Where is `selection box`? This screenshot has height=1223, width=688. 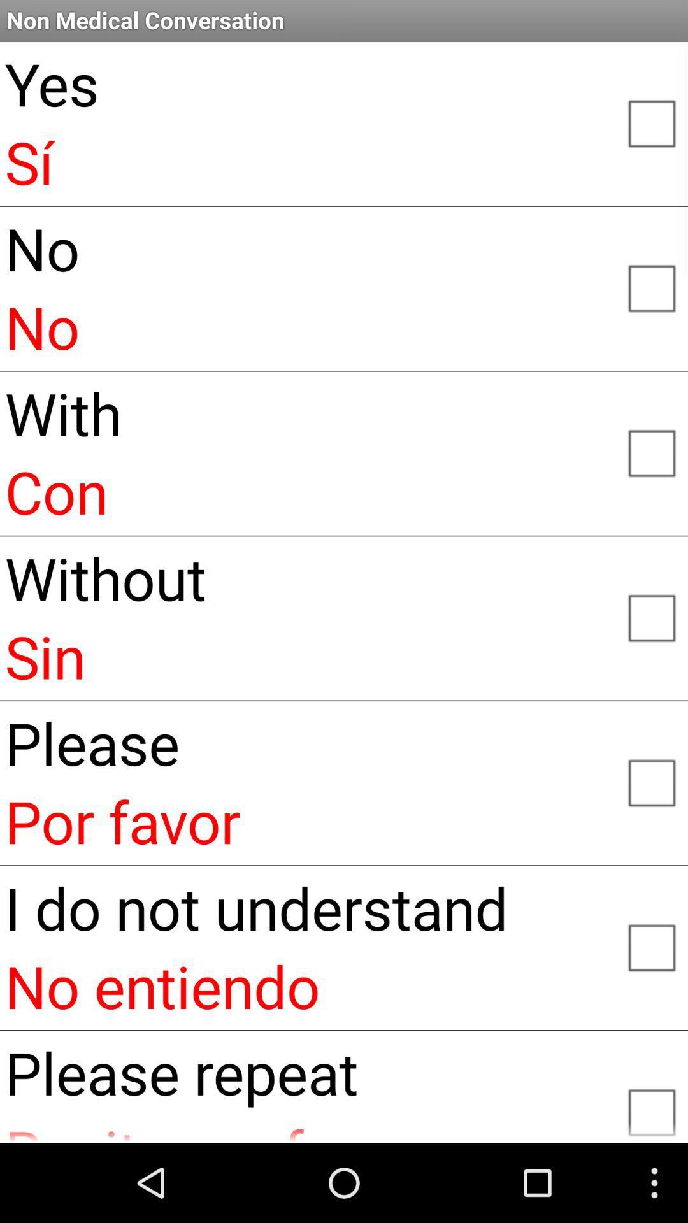
selection box is located at coordinates (651, 452).